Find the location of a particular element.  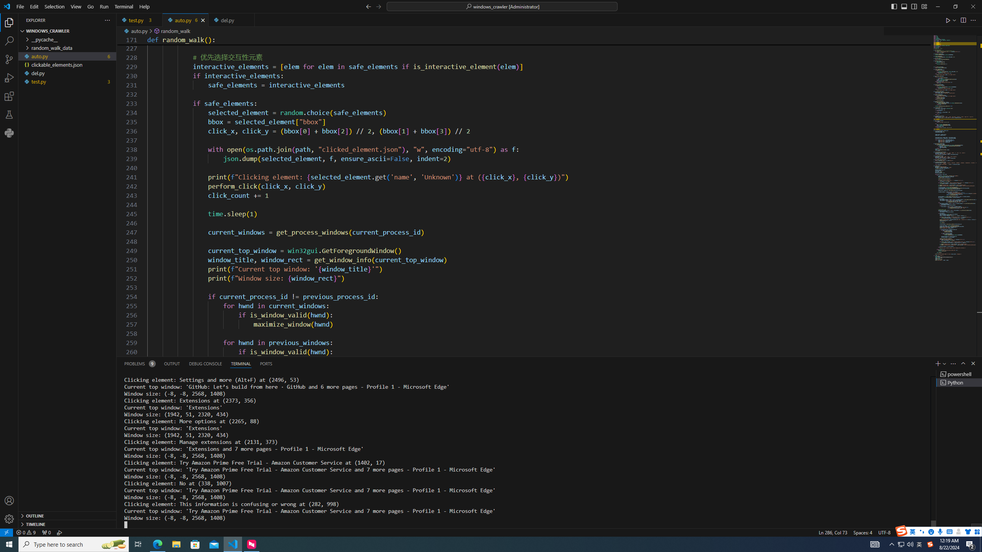

'Go Back (Alt+LeftArrow)' is located at coordinates (369, 6).